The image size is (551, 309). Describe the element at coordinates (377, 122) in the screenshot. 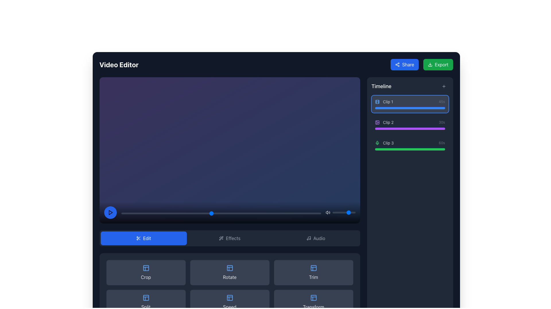

I see `the small rectangular component with rounded corners in the Timeline section, located near the top-left corner of the icon representing 'Clip 2'` at that location.